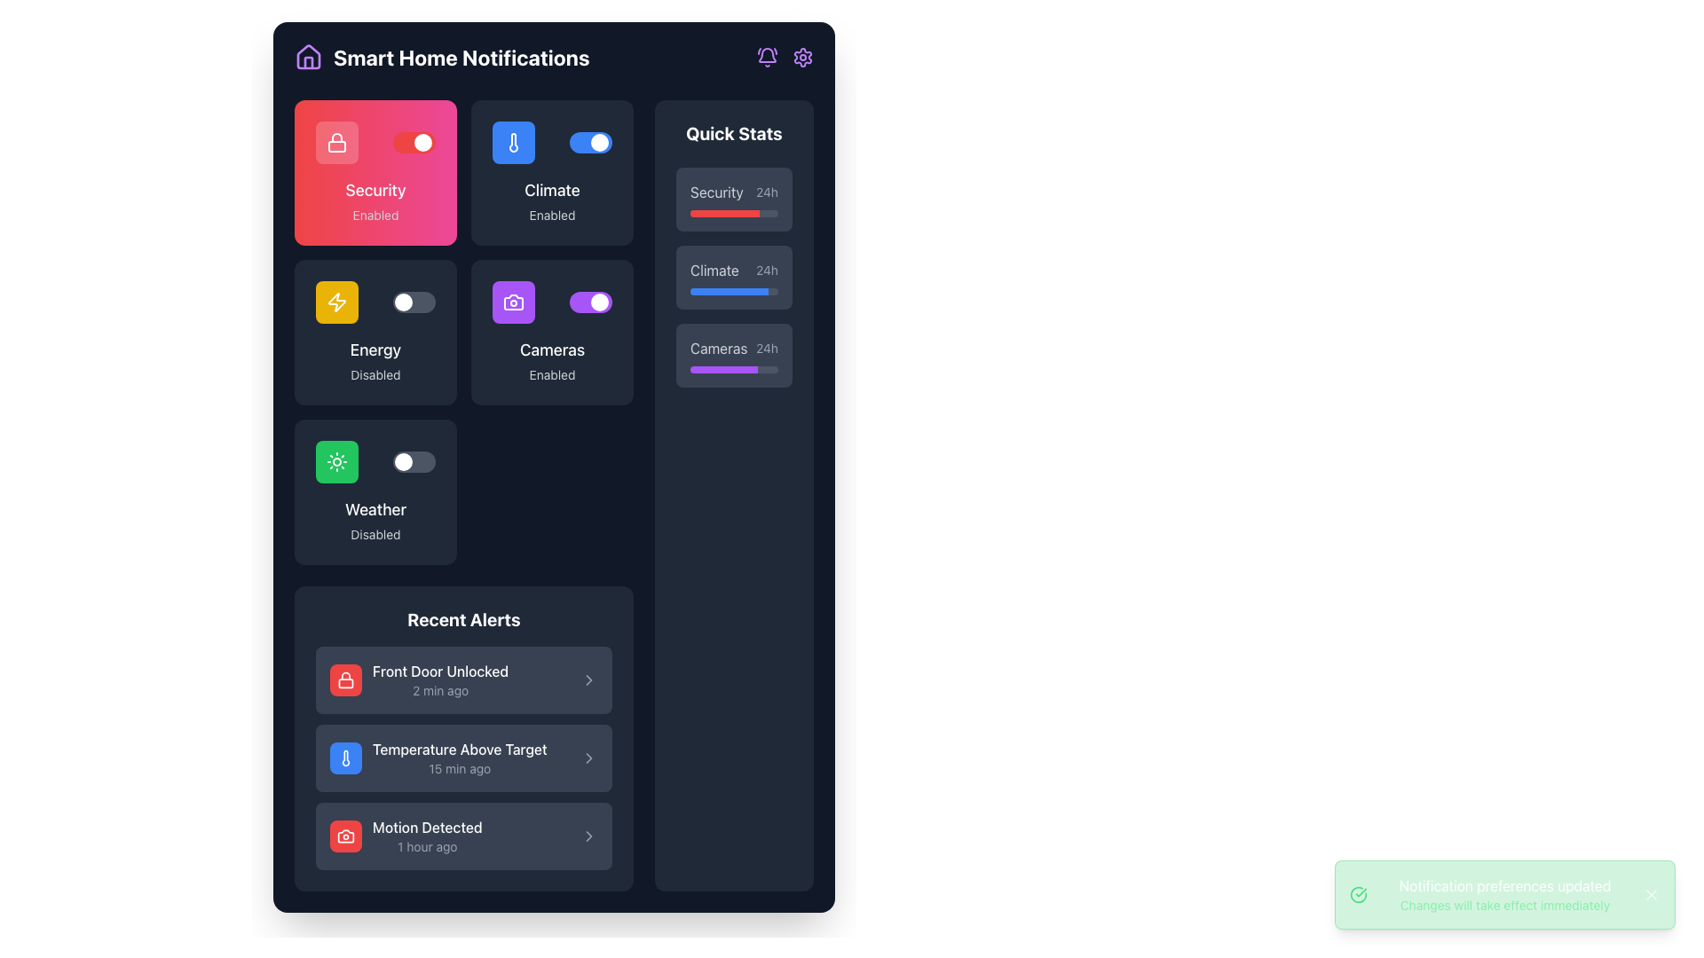 The image size is (1704, 958). Describe the element at coordinates (413, 142) in the screenshot. I see `the toggle switch with a red background and white handle, located in the 'Security' card` at that location.